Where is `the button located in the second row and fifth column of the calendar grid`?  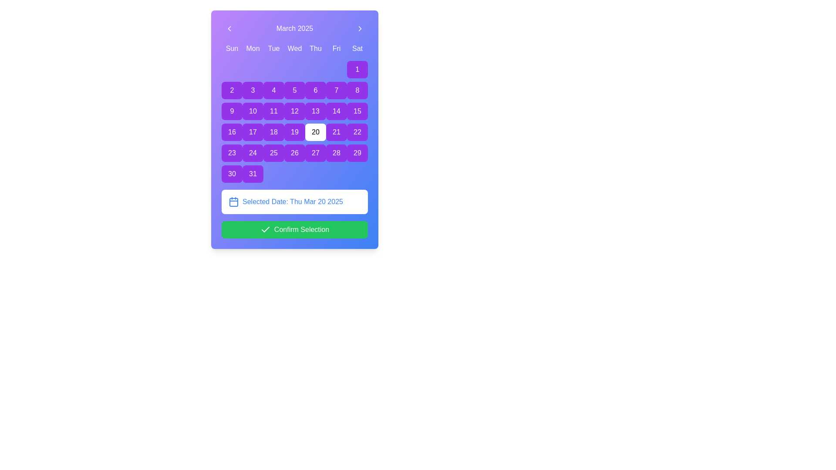 the button located in the second row and fifth column of the calendar grid is located at coordinates (294, 91).